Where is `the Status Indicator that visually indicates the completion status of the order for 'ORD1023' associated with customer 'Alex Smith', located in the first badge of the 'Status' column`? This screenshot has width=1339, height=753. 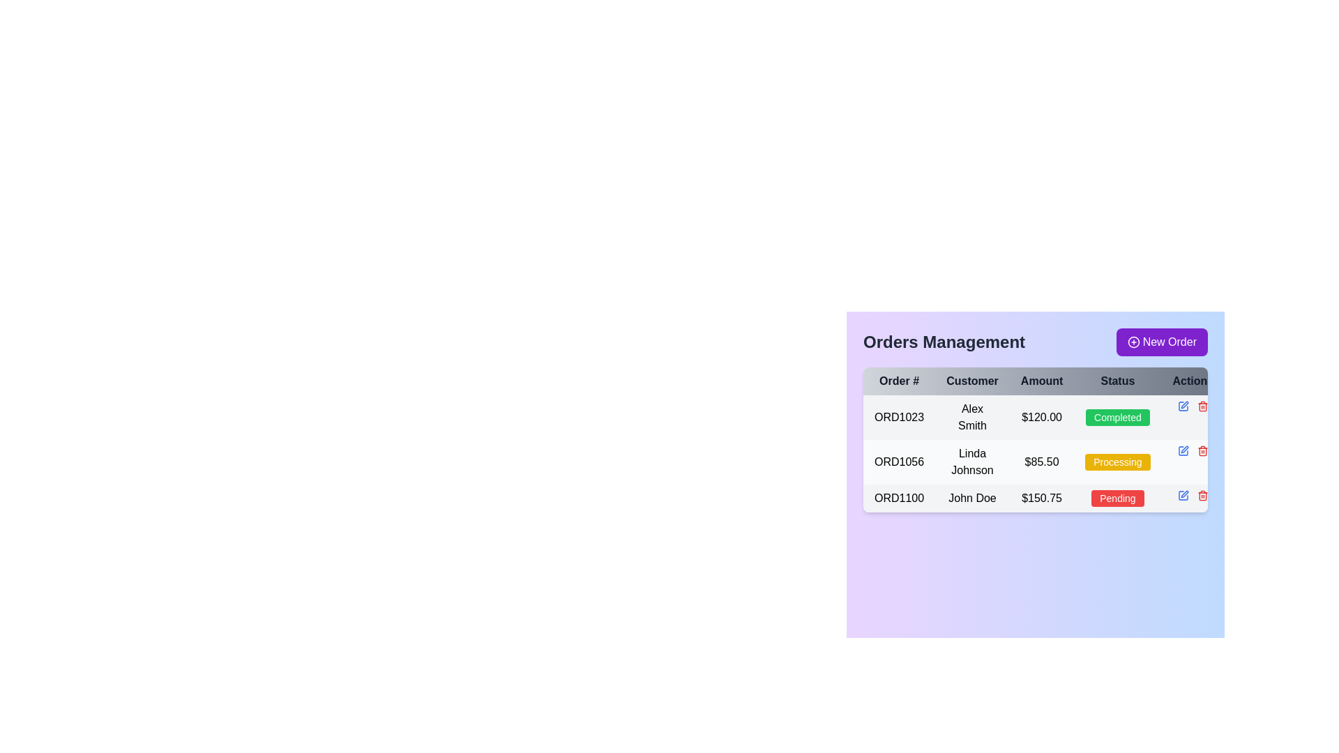
the Status Indicator that visually indicates the completion status of the order for 'ORD1023' associated with customer 'Alex Smith', located in the first badge of the 'Status' column is located at coordinates (1117, 416).